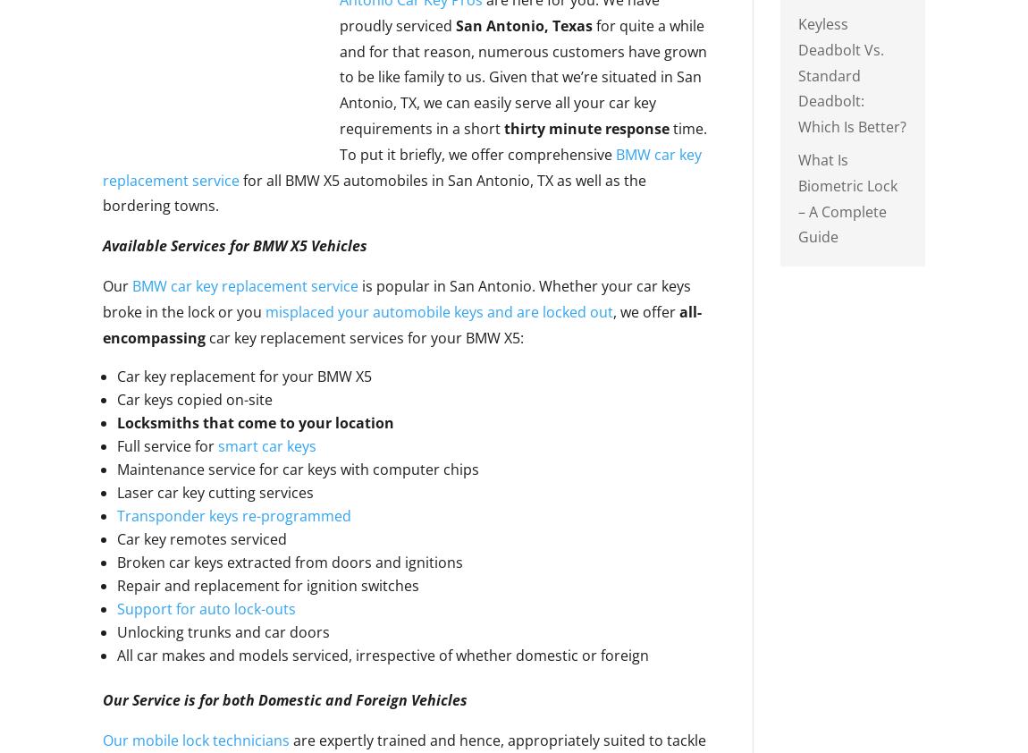  What do you see at coordinates (116, 285) in the screenshot?
I see `'Our'` at bounding box center [116, 285].